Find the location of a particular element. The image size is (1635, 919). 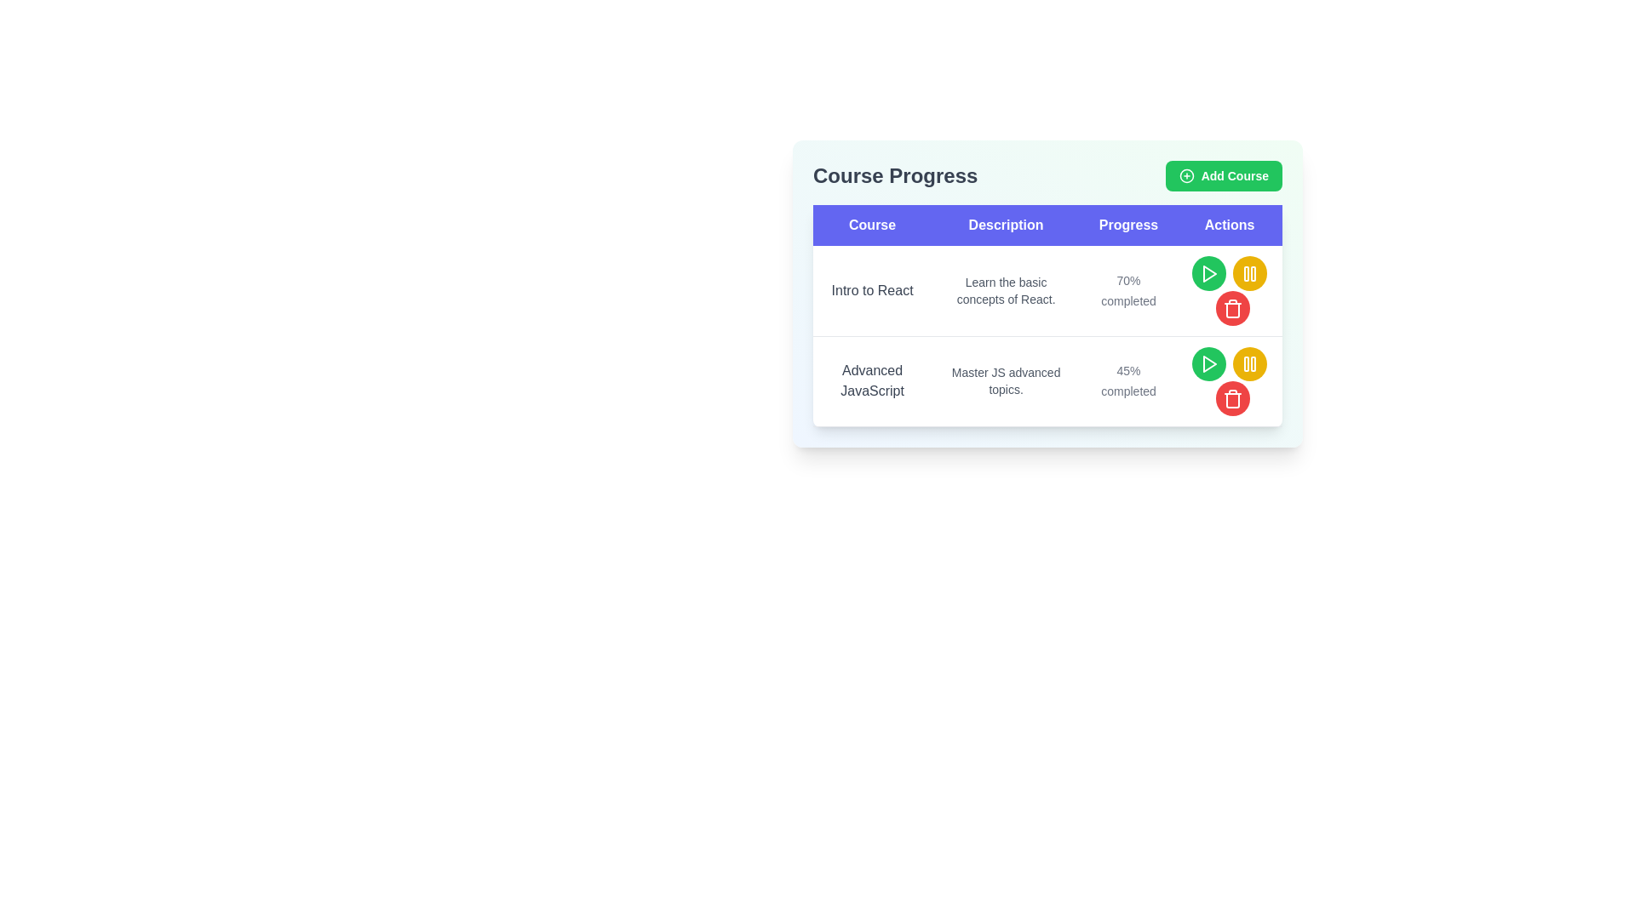

the text label that describes the course 'Intro to React', which is located in the 'Description' column of the first row in the table is located at coordinates (1006, 290).